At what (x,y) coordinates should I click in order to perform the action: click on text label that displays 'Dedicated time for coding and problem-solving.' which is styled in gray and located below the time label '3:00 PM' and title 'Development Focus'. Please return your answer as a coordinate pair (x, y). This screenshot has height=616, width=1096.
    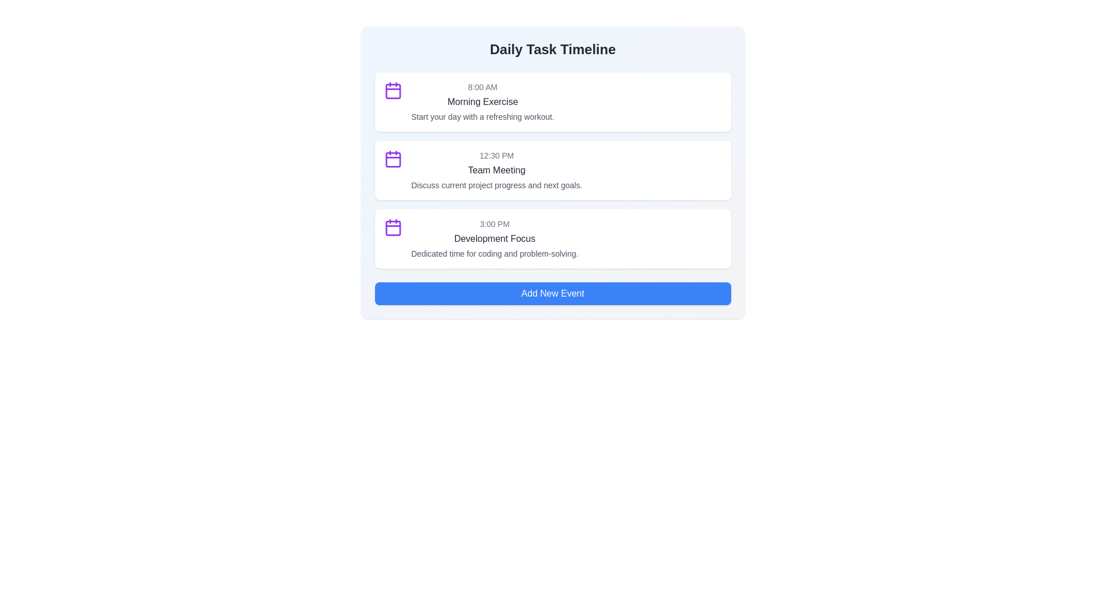
    Looking at the image, I should click on (494, 253).